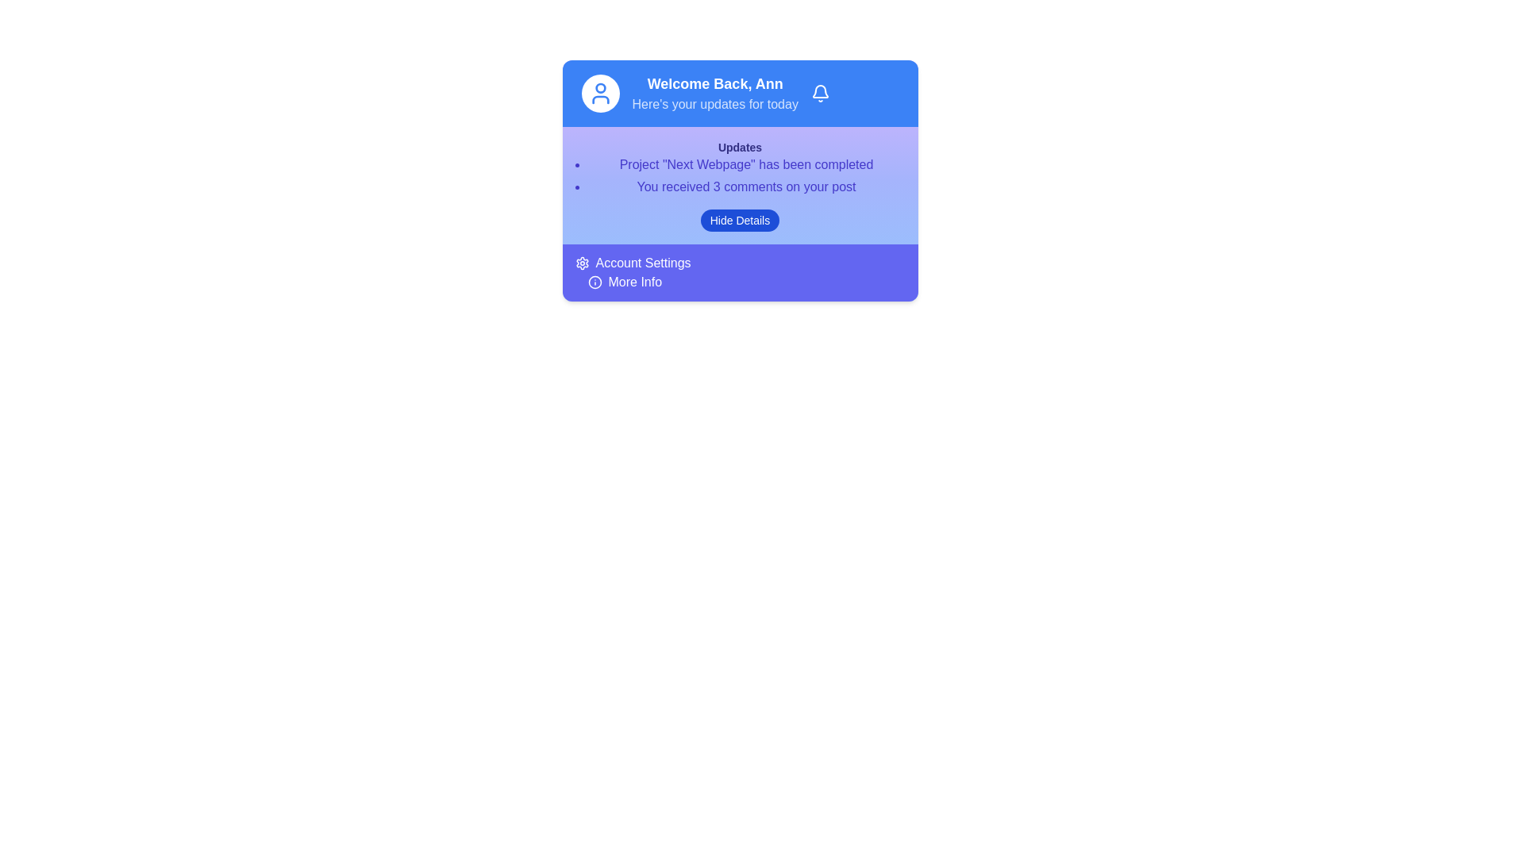 This screenshot has height=857, width=1524. I want to click on the informational Text block with bulleted points located under the 'Updates' title, so click(739, 176).